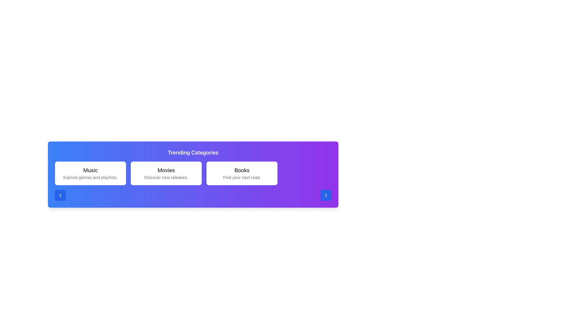 Image resolution: width=568 pixels, height=319 pixels. I want to click on the header title text label within the leftmost card that designates the main topic of music-related exploration, so click(90, 170).